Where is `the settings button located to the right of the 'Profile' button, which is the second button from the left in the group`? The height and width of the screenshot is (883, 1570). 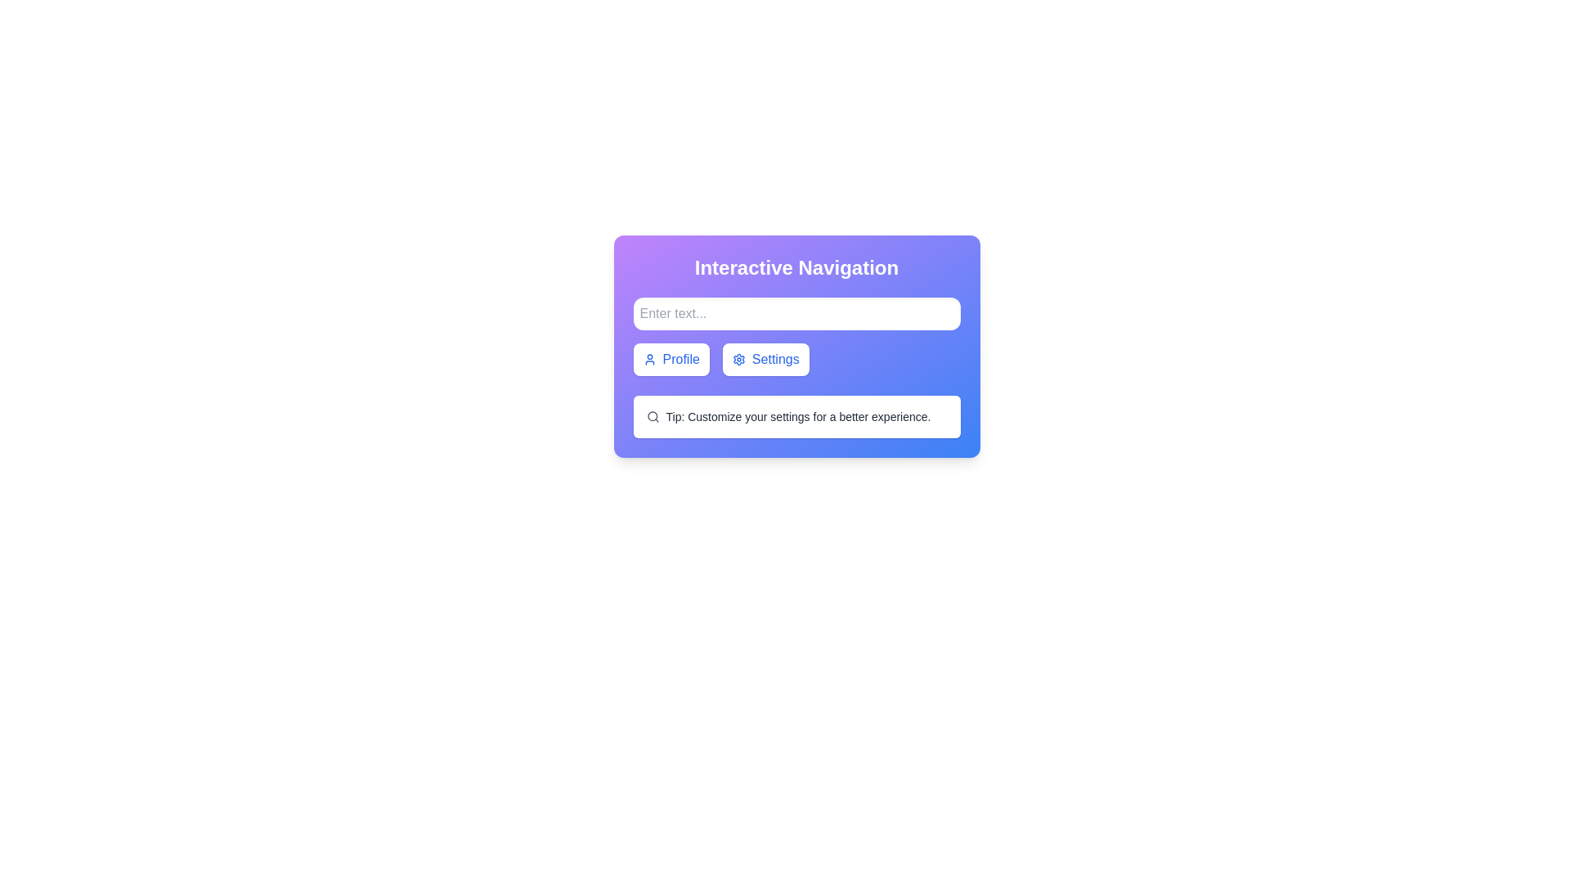 the settings button located to the right of the 'Profile' button, which is the second button from the left in the group is located at coordinates (765, 358).